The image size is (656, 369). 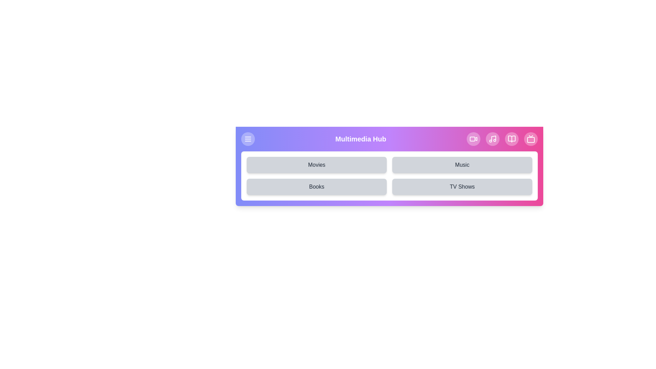 I want to click on the Movies button to select the desired multimedia category, so click(x=316, y=165).